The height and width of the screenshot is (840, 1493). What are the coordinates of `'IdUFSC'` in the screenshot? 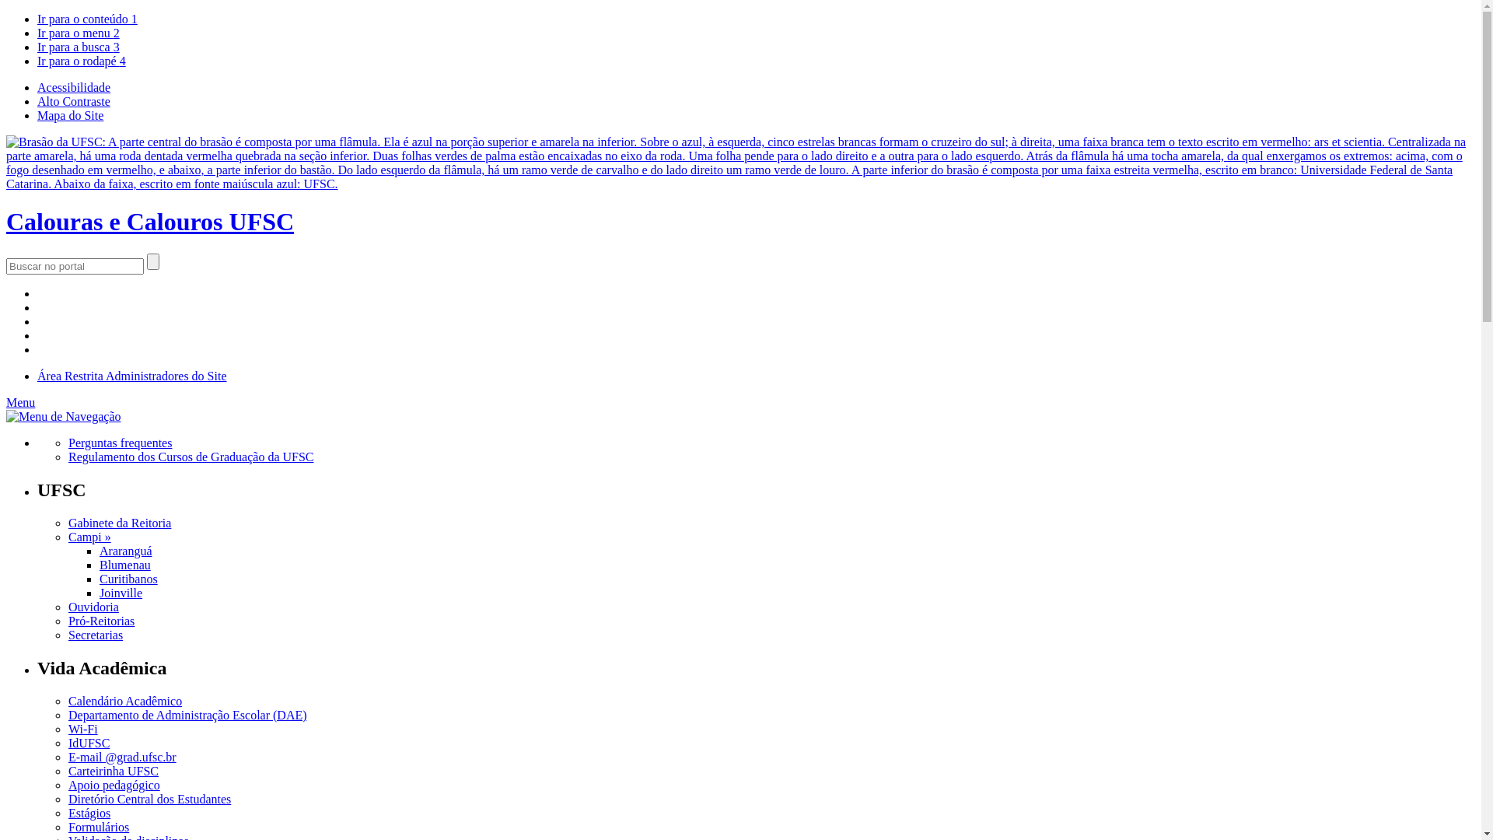 It's located at (88, 741).